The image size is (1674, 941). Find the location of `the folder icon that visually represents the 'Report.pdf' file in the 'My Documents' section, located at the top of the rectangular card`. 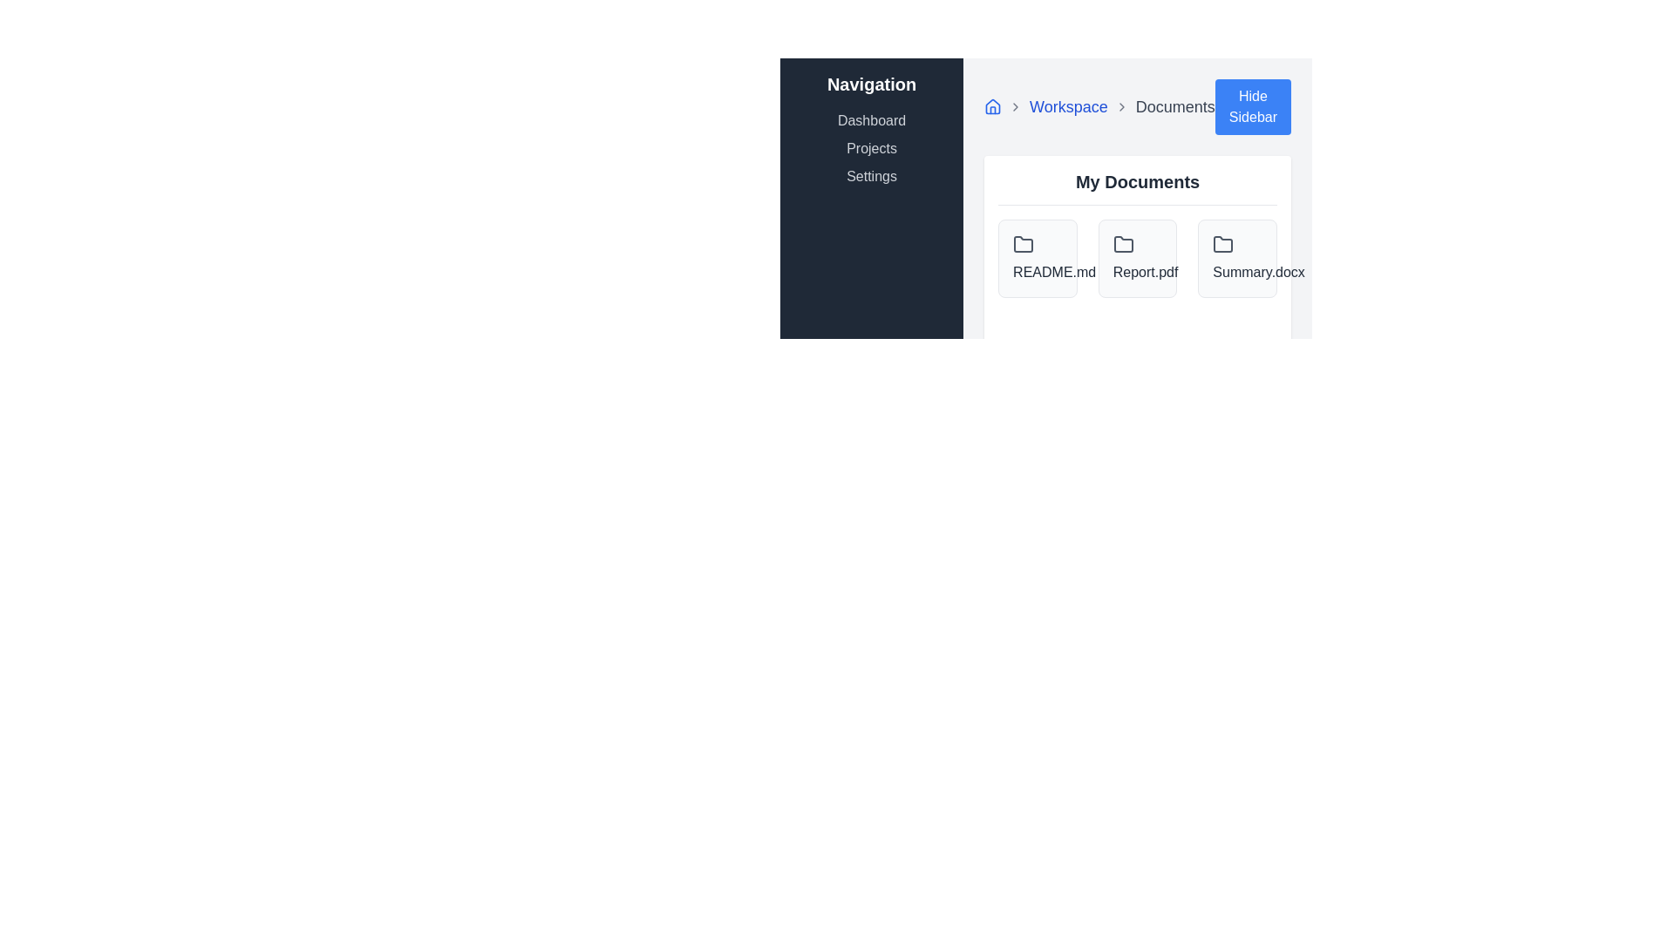

the folder icon that visually represents the 'Report.pdf' file in the 'My Documents' section, located at the top of the rectangular card is located at coordinates (1123, 245).